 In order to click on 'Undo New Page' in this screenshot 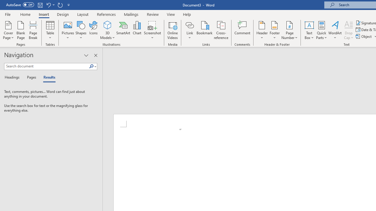, I will do `click(48, 5)`.